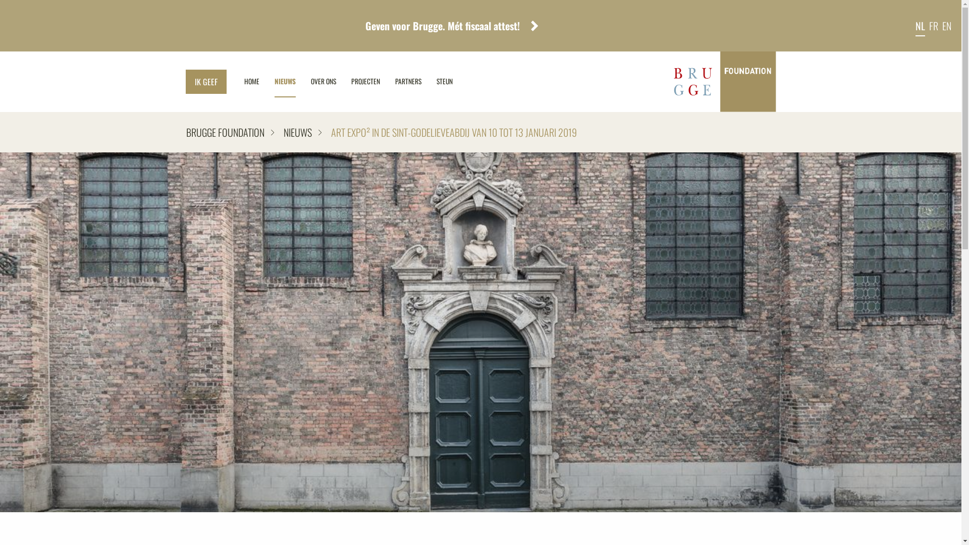  I want to click on 'NIEUWS', so click(297, 132).